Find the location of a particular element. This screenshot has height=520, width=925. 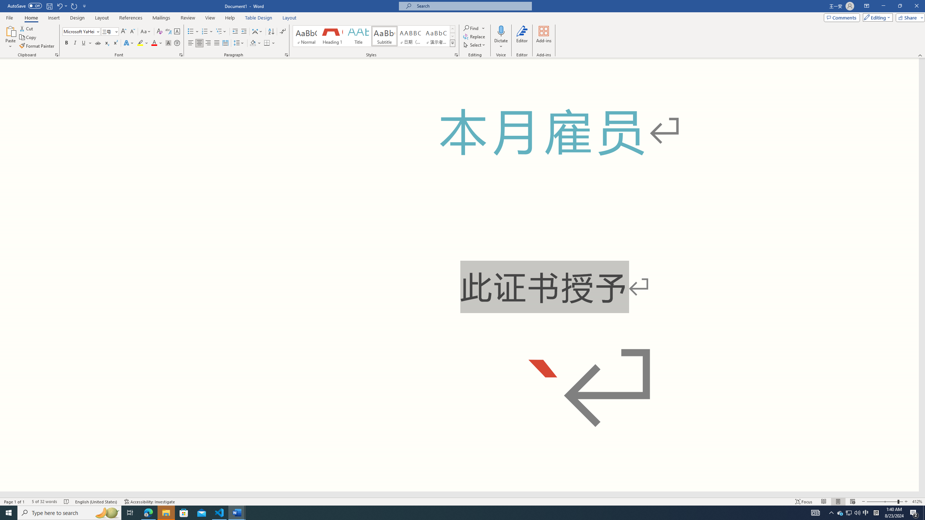

'Office Clipboard...' is located at coordinates (56, 54).